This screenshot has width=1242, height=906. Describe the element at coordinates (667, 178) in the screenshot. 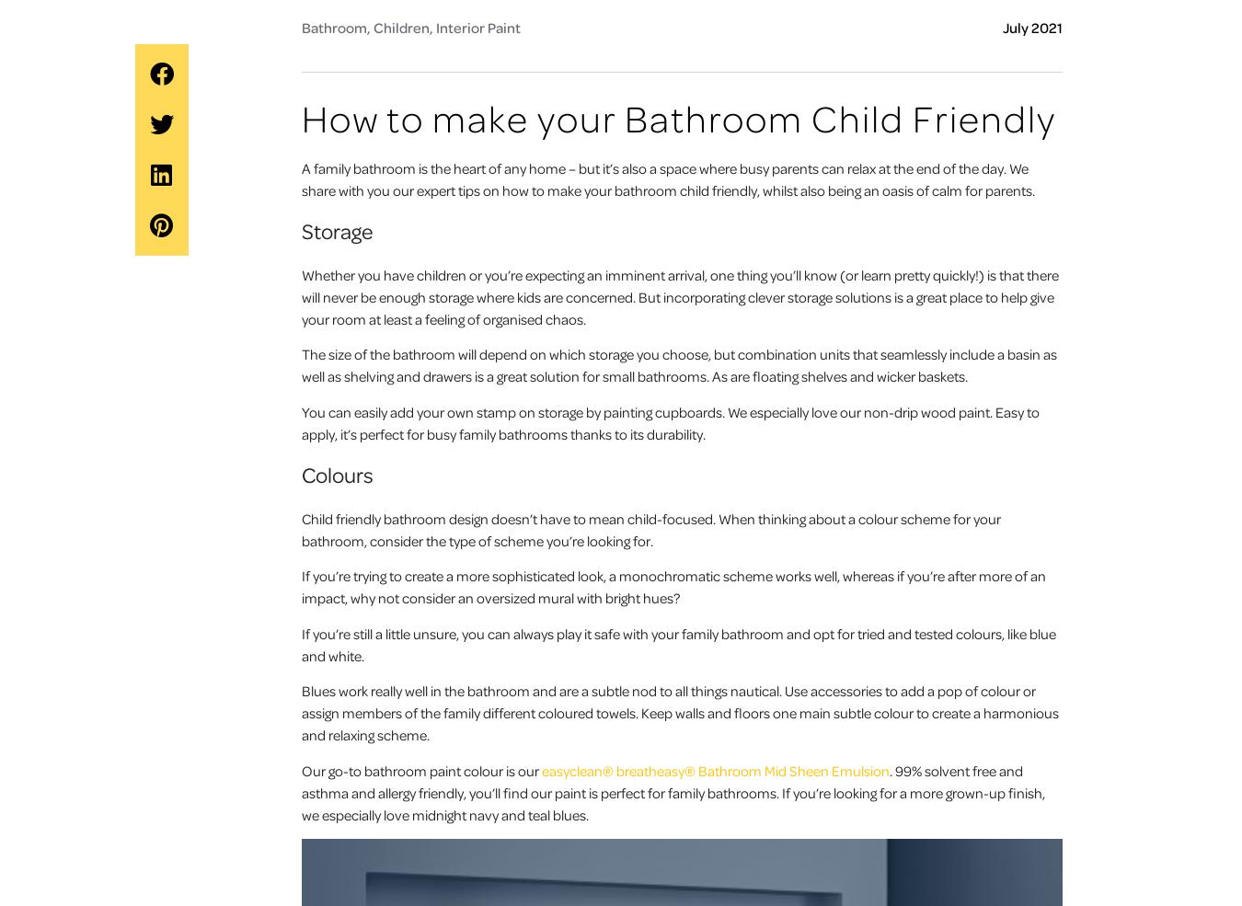

I see `'A family bathroom is the heart of any home – but it’s also a space where busy parents can relax at the end of the day. We share with you our expert tips on how to make your bathroom child friendly, whilst also being an oasis of calm for parents.'` at that location.